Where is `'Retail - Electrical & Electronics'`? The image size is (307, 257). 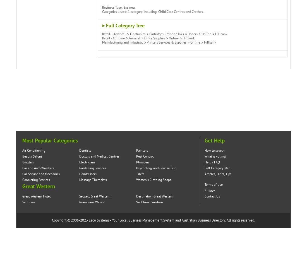
'Retail - Electrical & Electronics' is located at coordinates (102, 34).